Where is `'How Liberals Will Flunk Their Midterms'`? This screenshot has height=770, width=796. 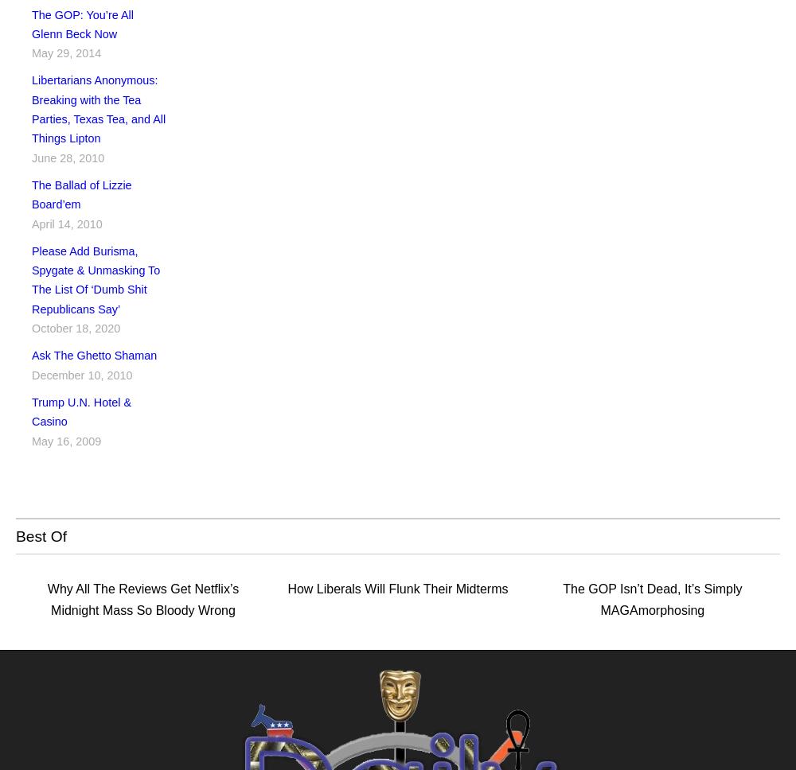 'How Liberals Will Flunk Their Midterms' is located at coordinates (396, 589).